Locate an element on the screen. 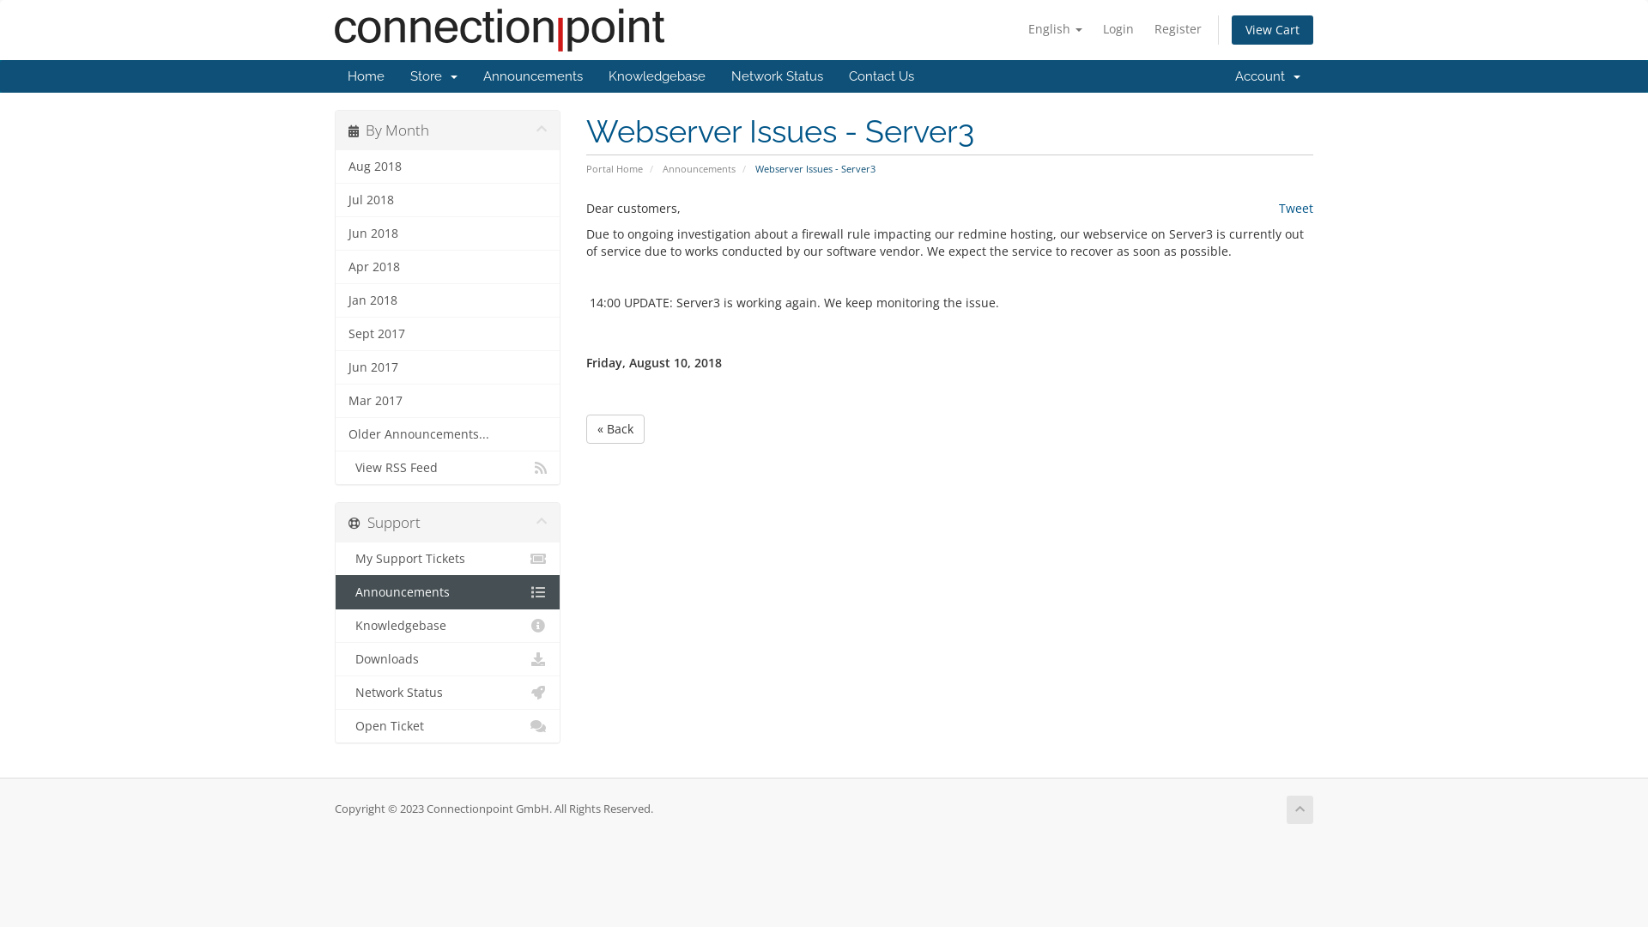 Image resolution: width=1648 pixels, height=927 pixels. 'English' is located at coordinates (1054, 29).